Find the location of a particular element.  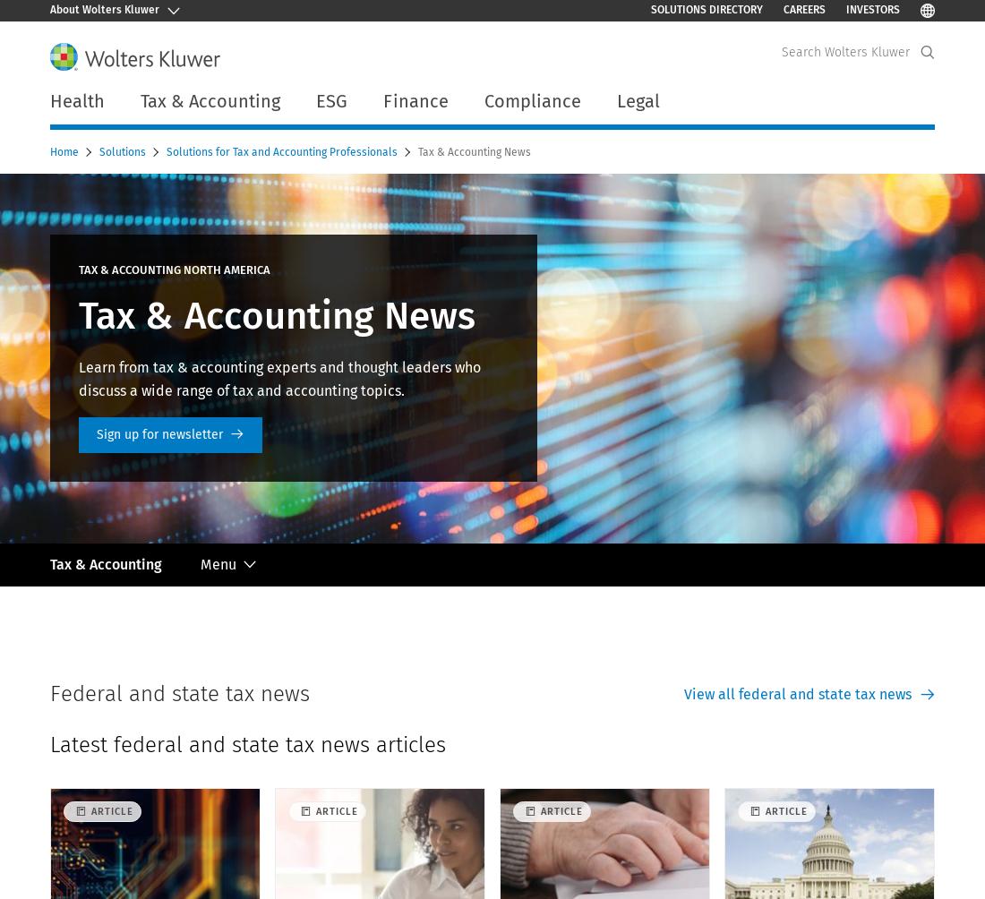

'Compliance' is located at coordinates (531, 100).